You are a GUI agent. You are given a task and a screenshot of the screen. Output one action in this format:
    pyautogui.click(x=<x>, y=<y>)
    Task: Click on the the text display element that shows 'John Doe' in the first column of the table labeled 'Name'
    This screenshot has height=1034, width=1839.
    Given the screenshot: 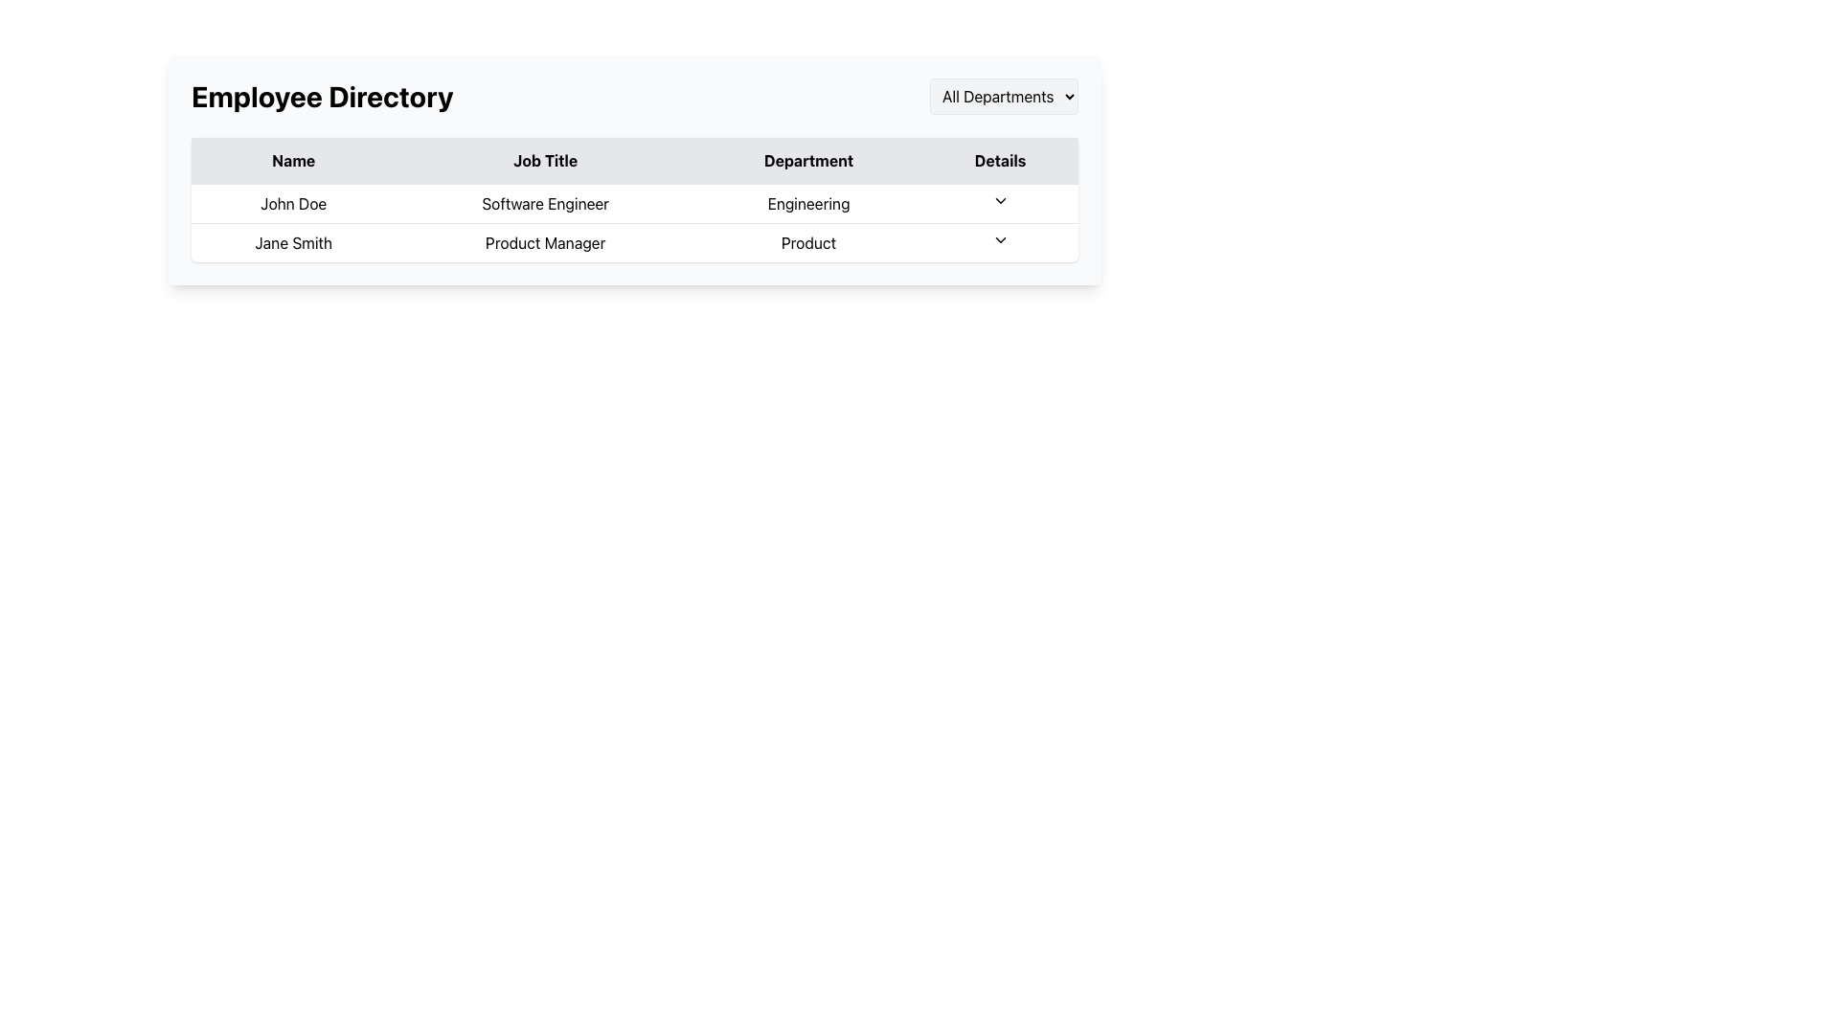 What is the action you would take?
    pyautogui.click(x=292, y=203)
    